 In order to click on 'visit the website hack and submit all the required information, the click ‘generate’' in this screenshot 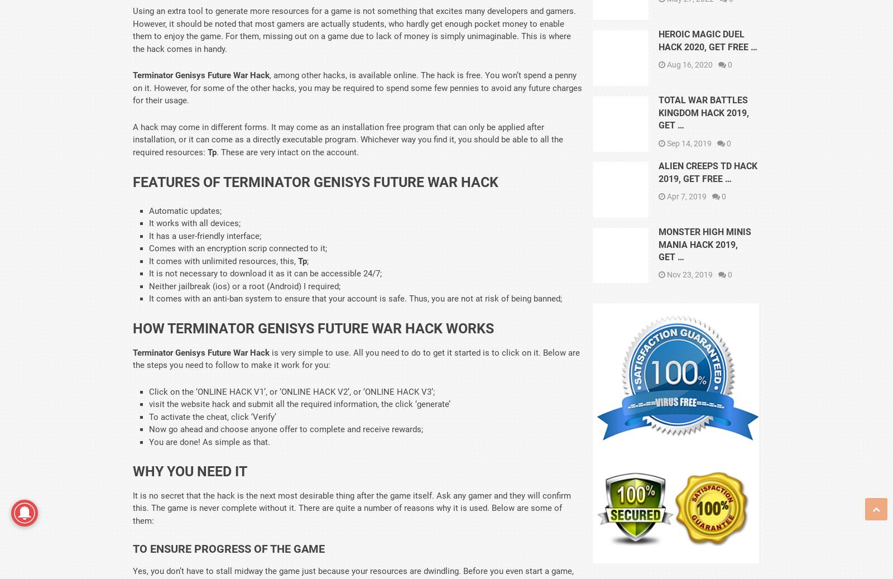, I will do `click(148, 404)`.